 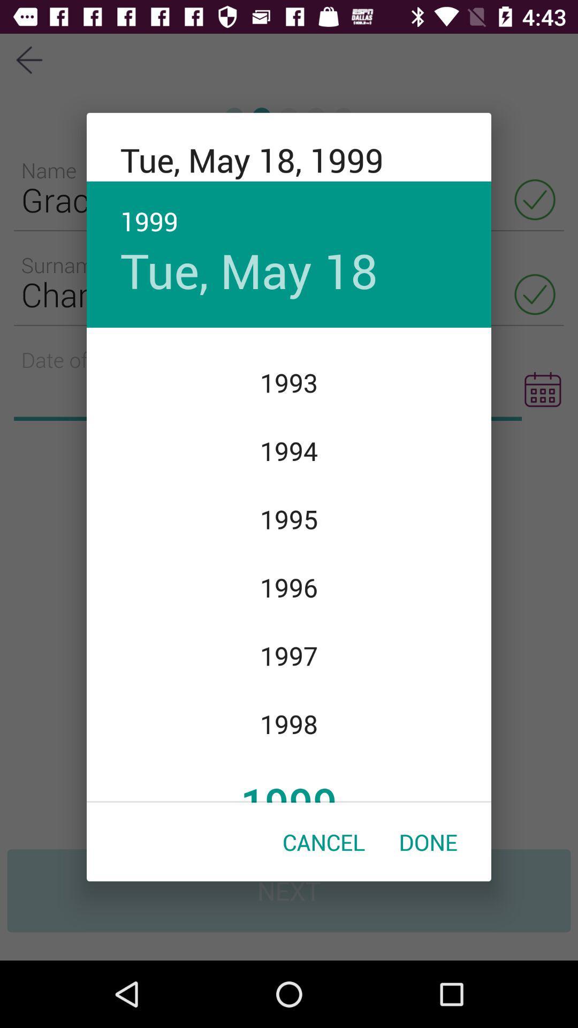 I want to click on the item to the left of done icon, so click(x=323, y=841).